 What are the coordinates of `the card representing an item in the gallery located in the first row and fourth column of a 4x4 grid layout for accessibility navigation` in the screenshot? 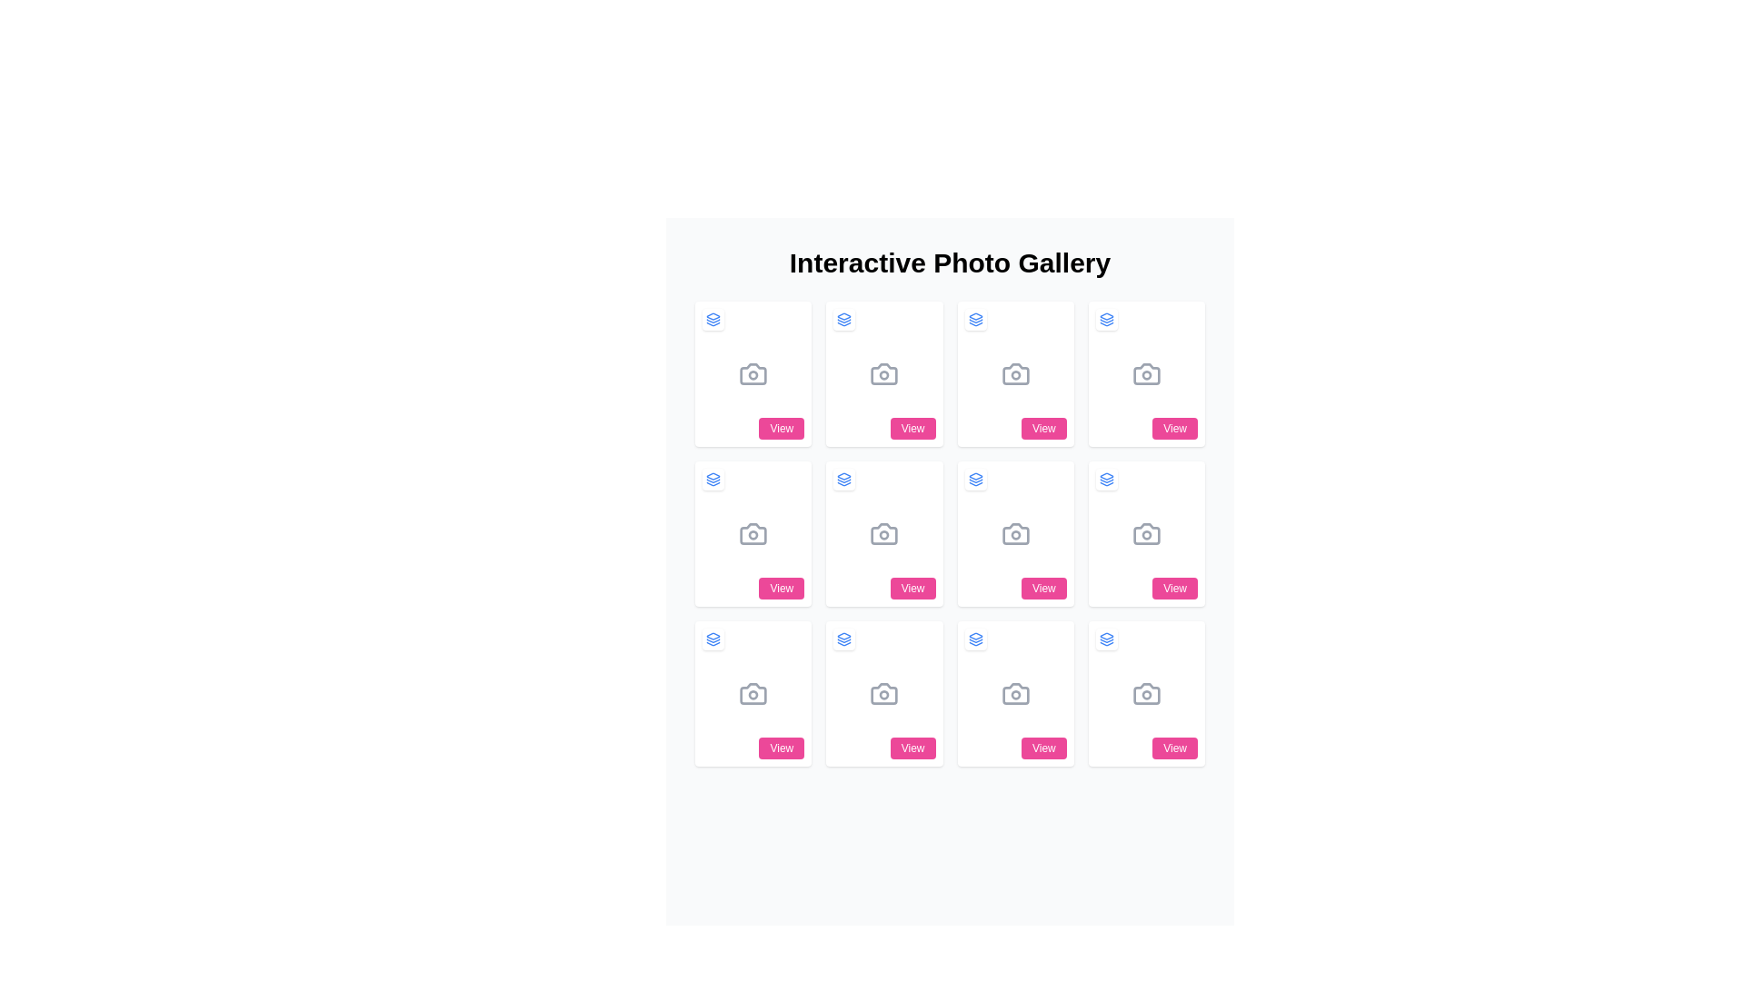 It's located at (1145, 373).